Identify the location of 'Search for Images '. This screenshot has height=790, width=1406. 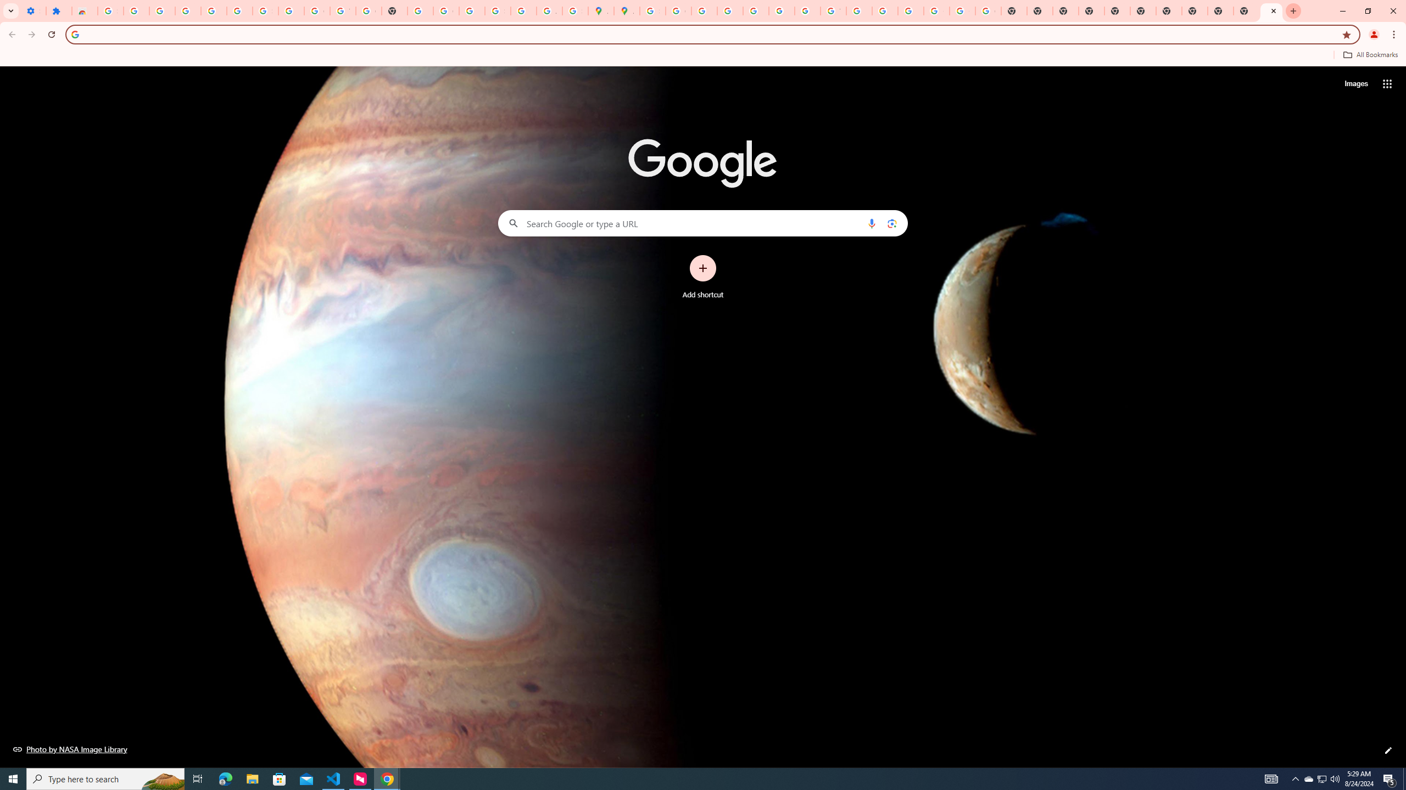
(1356, 84).